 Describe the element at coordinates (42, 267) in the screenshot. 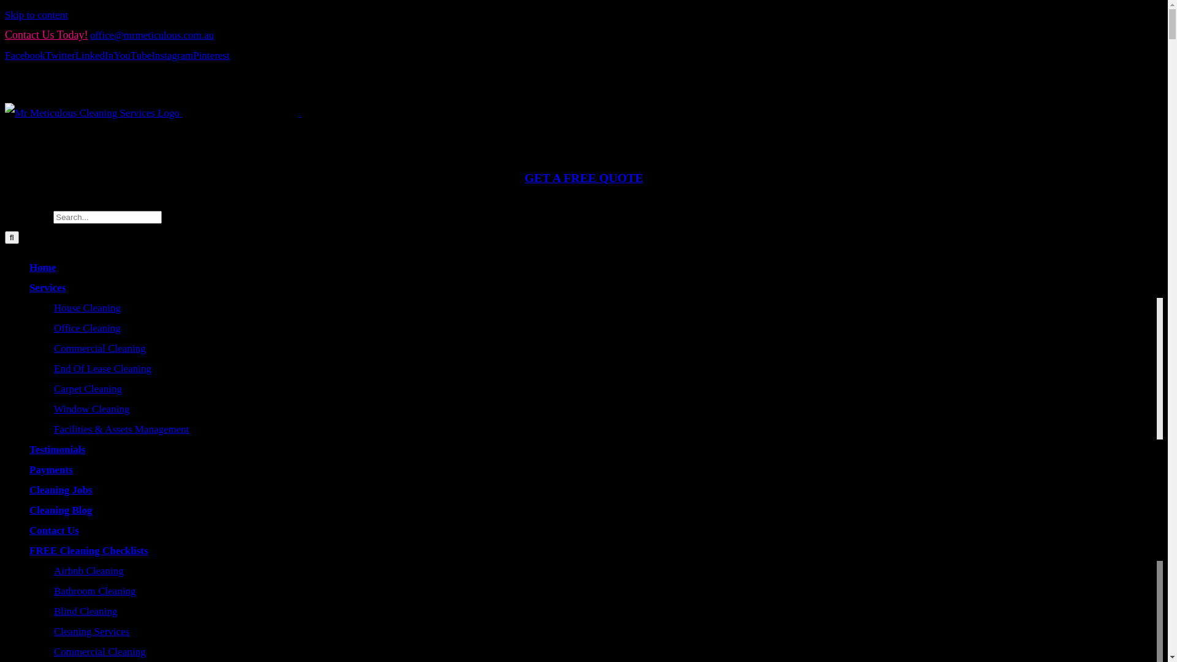

I see `'Home'` at that location.